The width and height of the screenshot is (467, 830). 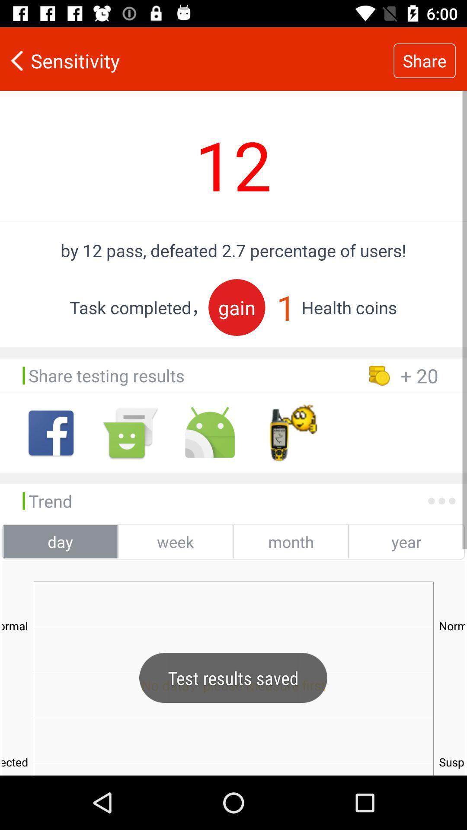 I want to click on facebook app, so click(x=51, y=433).